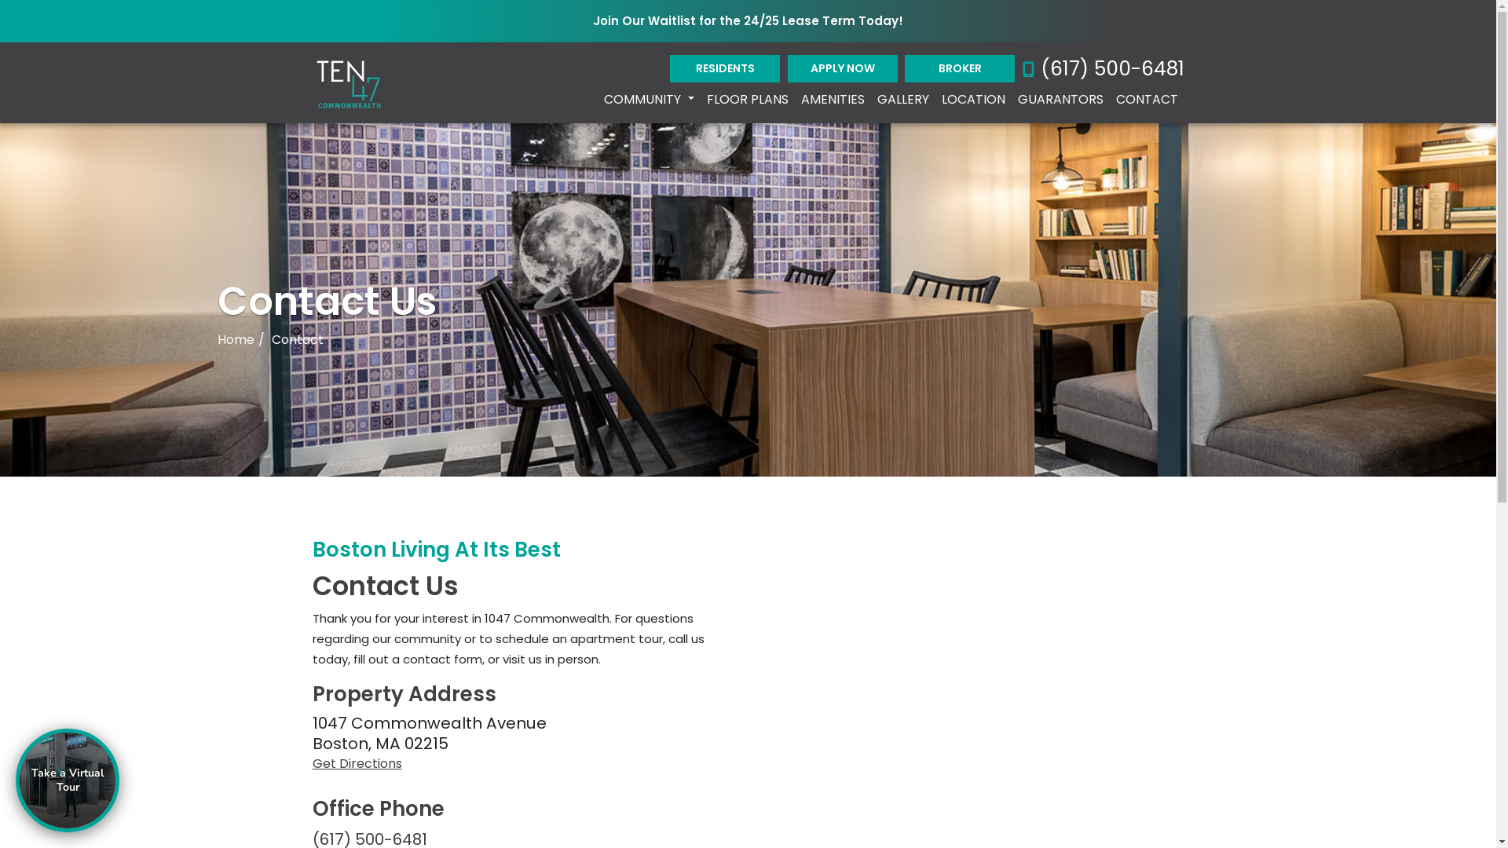 The image size is (1508, 848). What do you see at coordinates (905, 68) in the screenshot?
I see `'BROKER'` at bounding box center [905, 68].